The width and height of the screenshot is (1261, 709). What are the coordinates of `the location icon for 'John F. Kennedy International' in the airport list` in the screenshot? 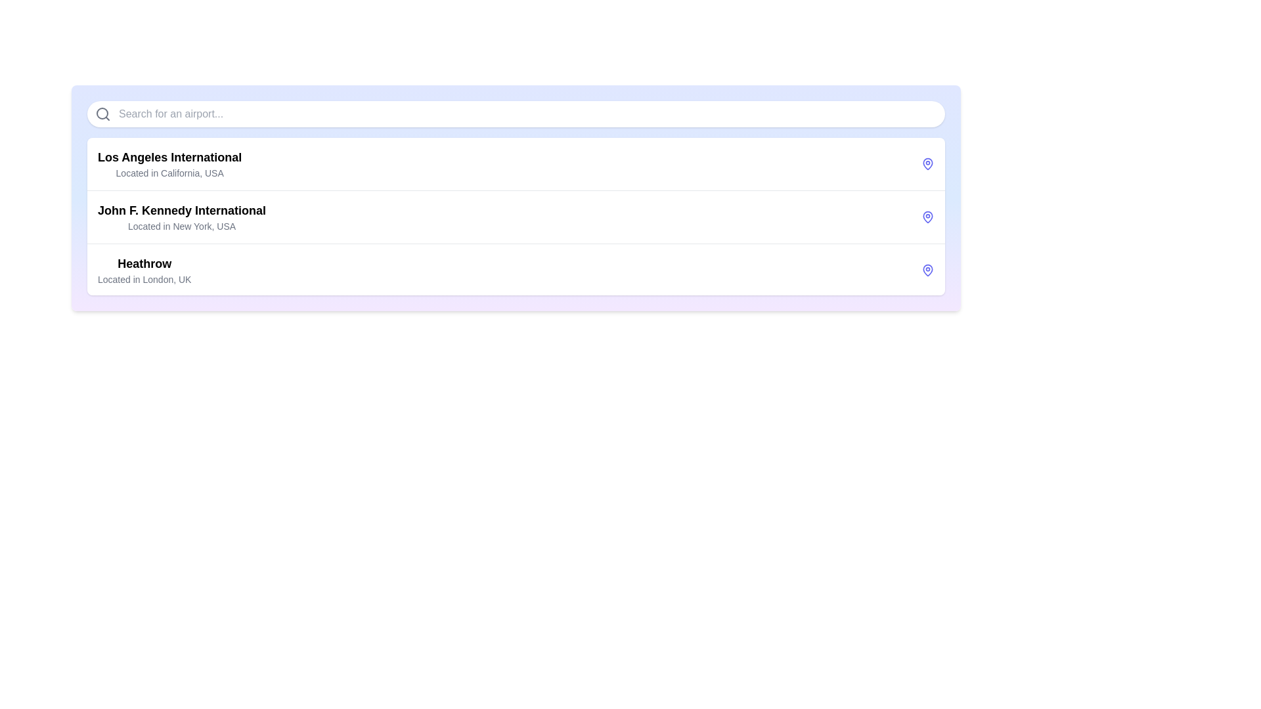 It's located at (927, 217).